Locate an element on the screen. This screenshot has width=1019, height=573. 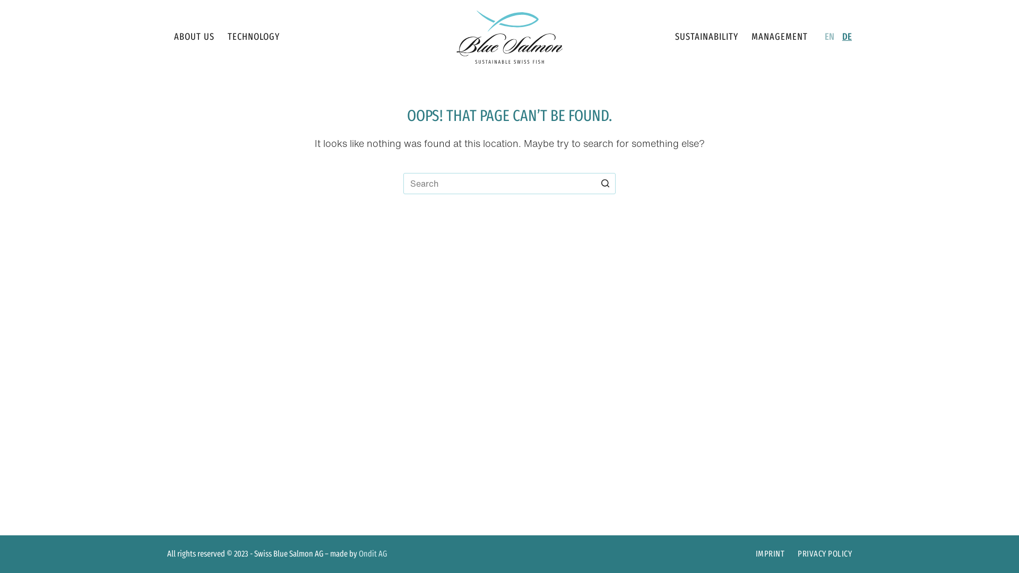
'Ondit AG' is located at coordinates (373, 553).